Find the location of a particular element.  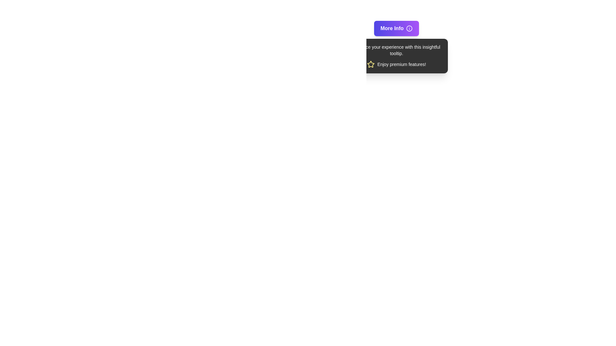

the Circle graphical element located in the top-right corner of the interface, adjacent to the 'More Info' button is located at coordinates (409, 28).